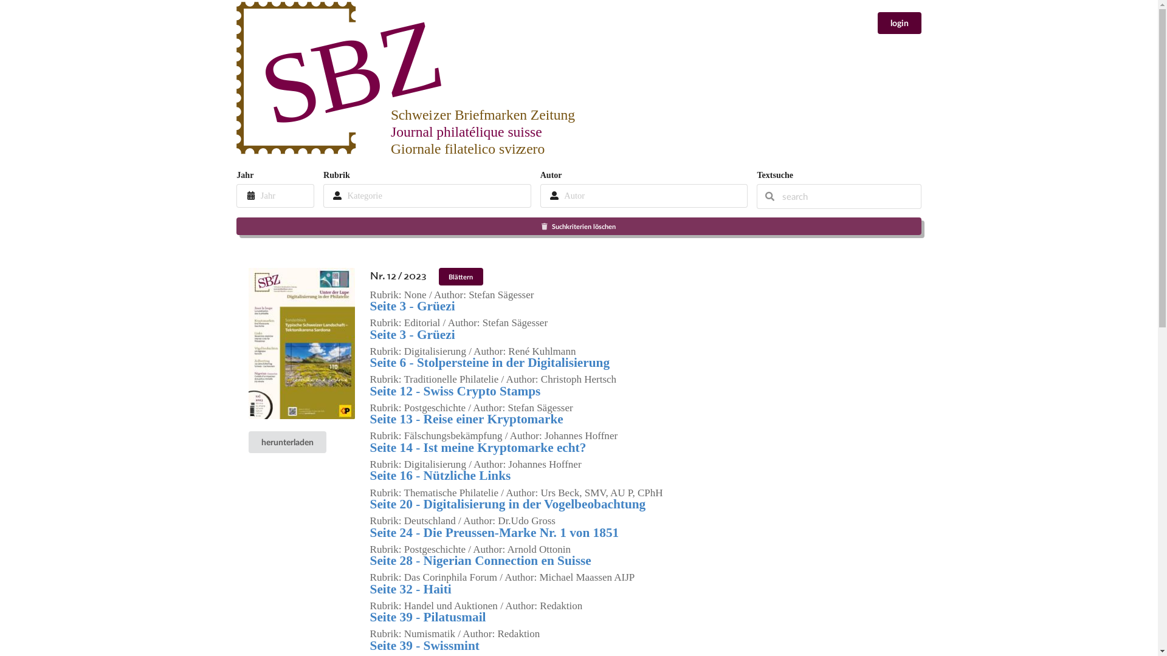  I want to click on 'Seite 6 - Stolpersteine in der Digitalisierung', so click(490, 362).